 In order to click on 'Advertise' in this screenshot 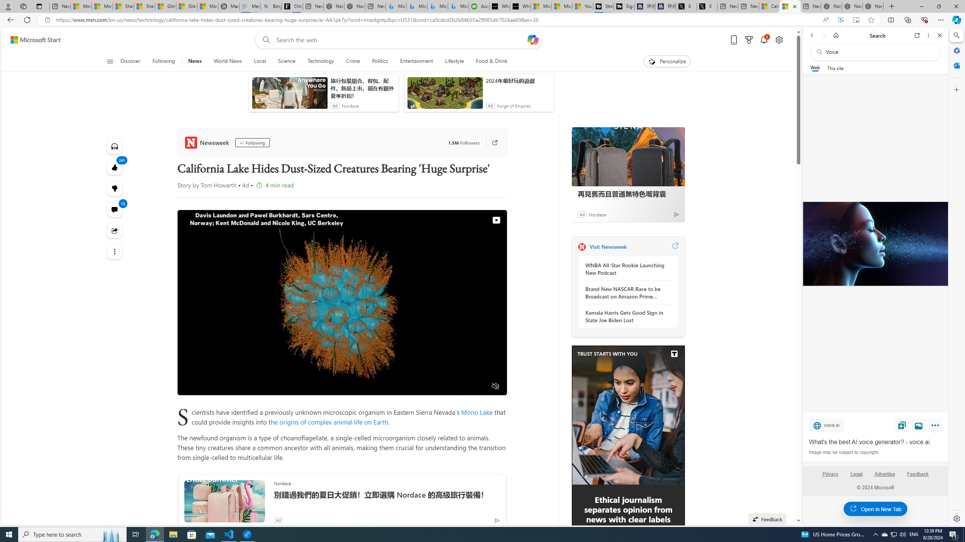, I will do `click(885, 477)`.